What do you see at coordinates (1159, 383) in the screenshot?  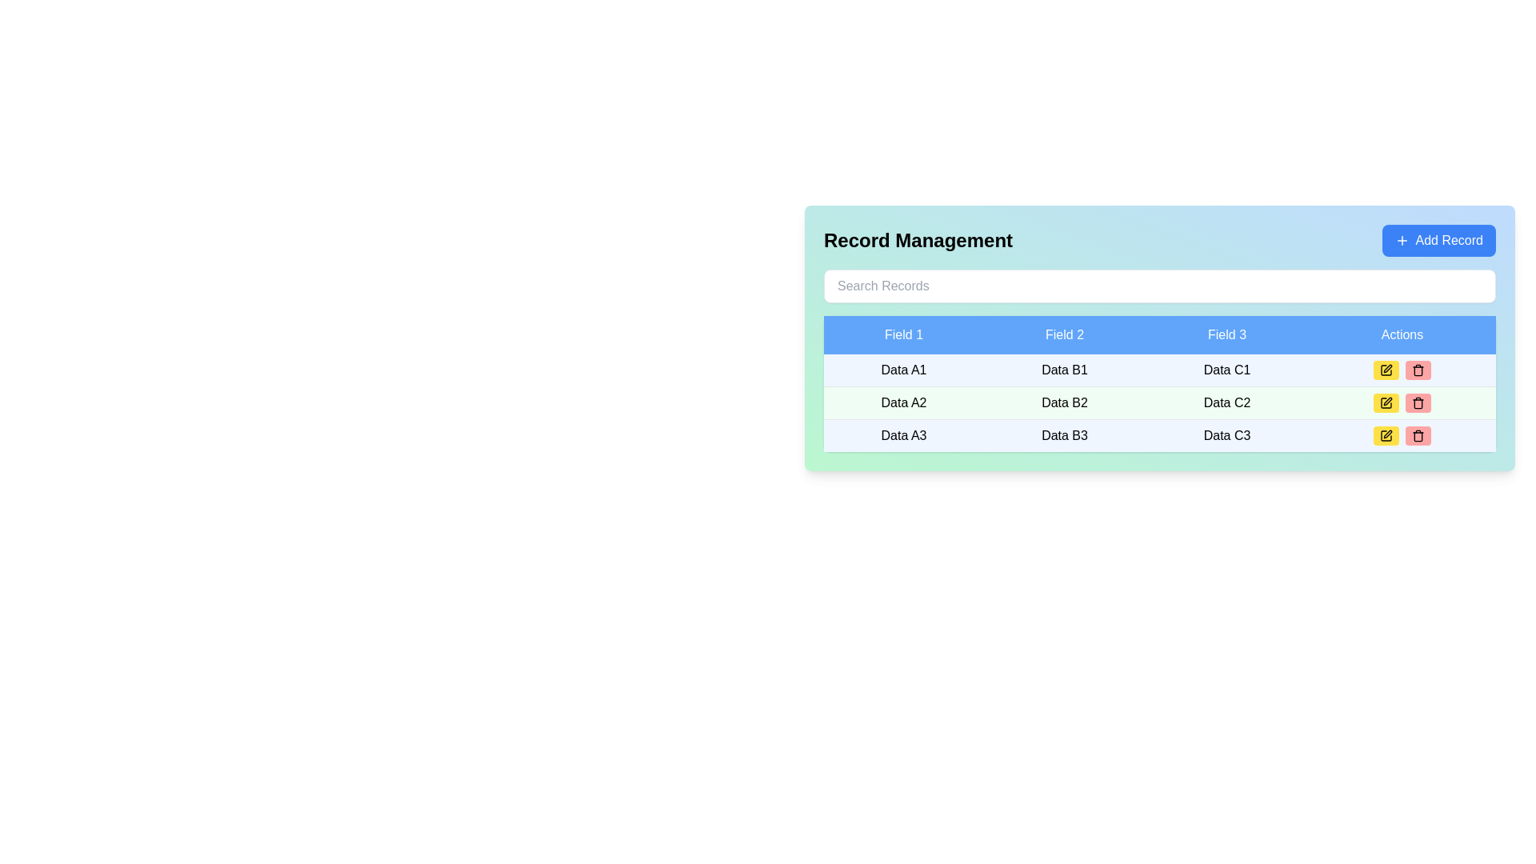 I see `the central area of the table located in the 'Record Management' section to analyze the displayed records` at bounding box center [1159, 383].